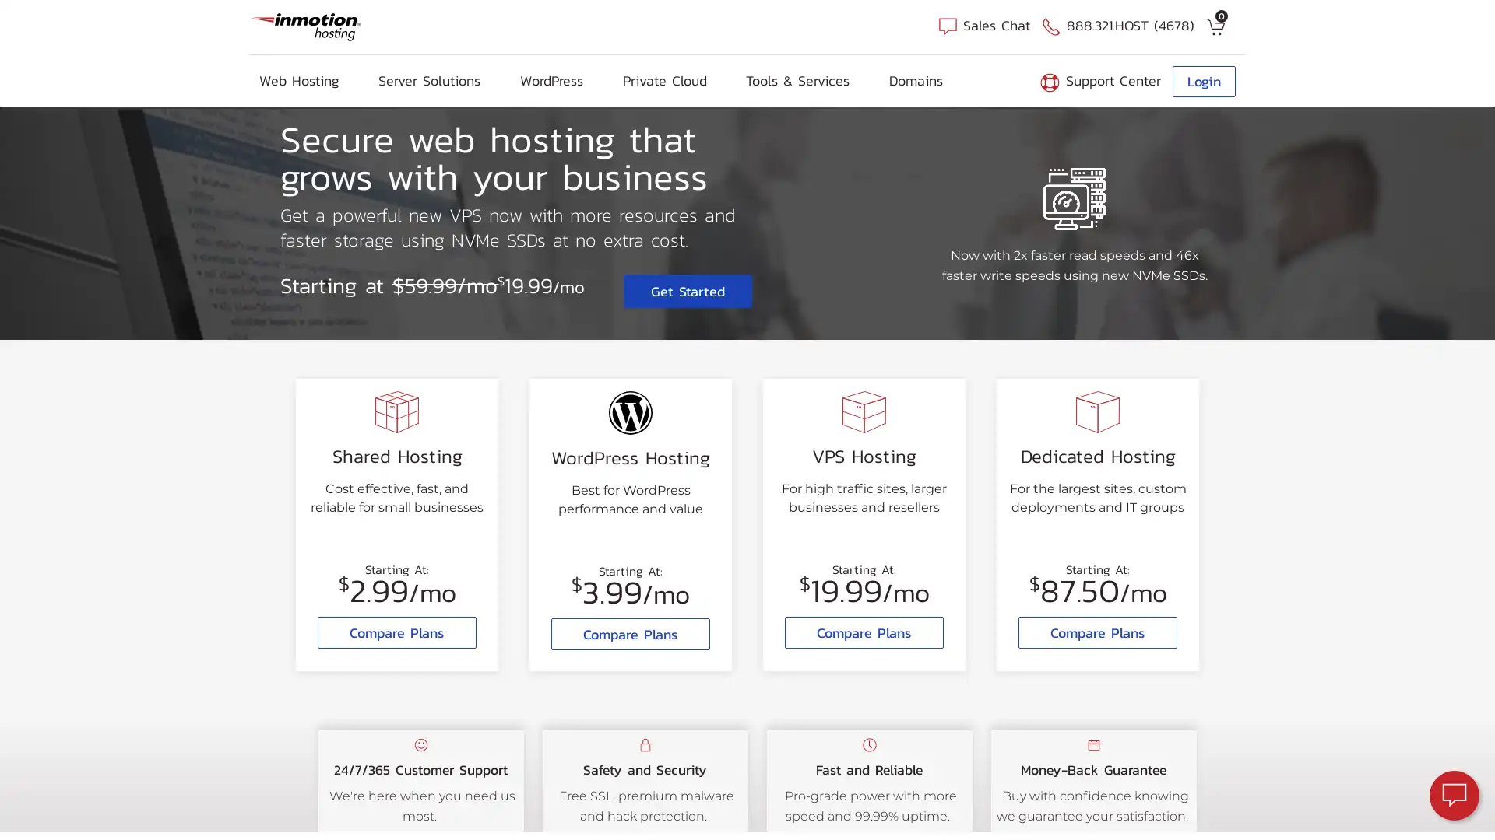 The image size is (1495, 840). What do you see at coordinates (863, 632) in the screenshot?
I see `Compare Plans` at bounding box center [863, 632].